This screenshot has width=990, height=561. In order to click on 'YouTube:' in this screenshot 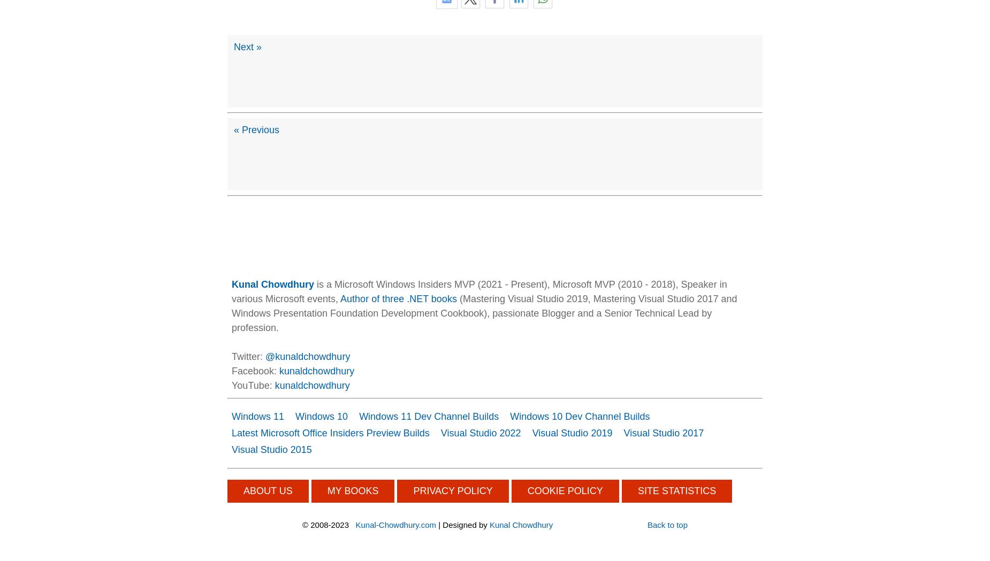, I will do `click(253, 385)`.